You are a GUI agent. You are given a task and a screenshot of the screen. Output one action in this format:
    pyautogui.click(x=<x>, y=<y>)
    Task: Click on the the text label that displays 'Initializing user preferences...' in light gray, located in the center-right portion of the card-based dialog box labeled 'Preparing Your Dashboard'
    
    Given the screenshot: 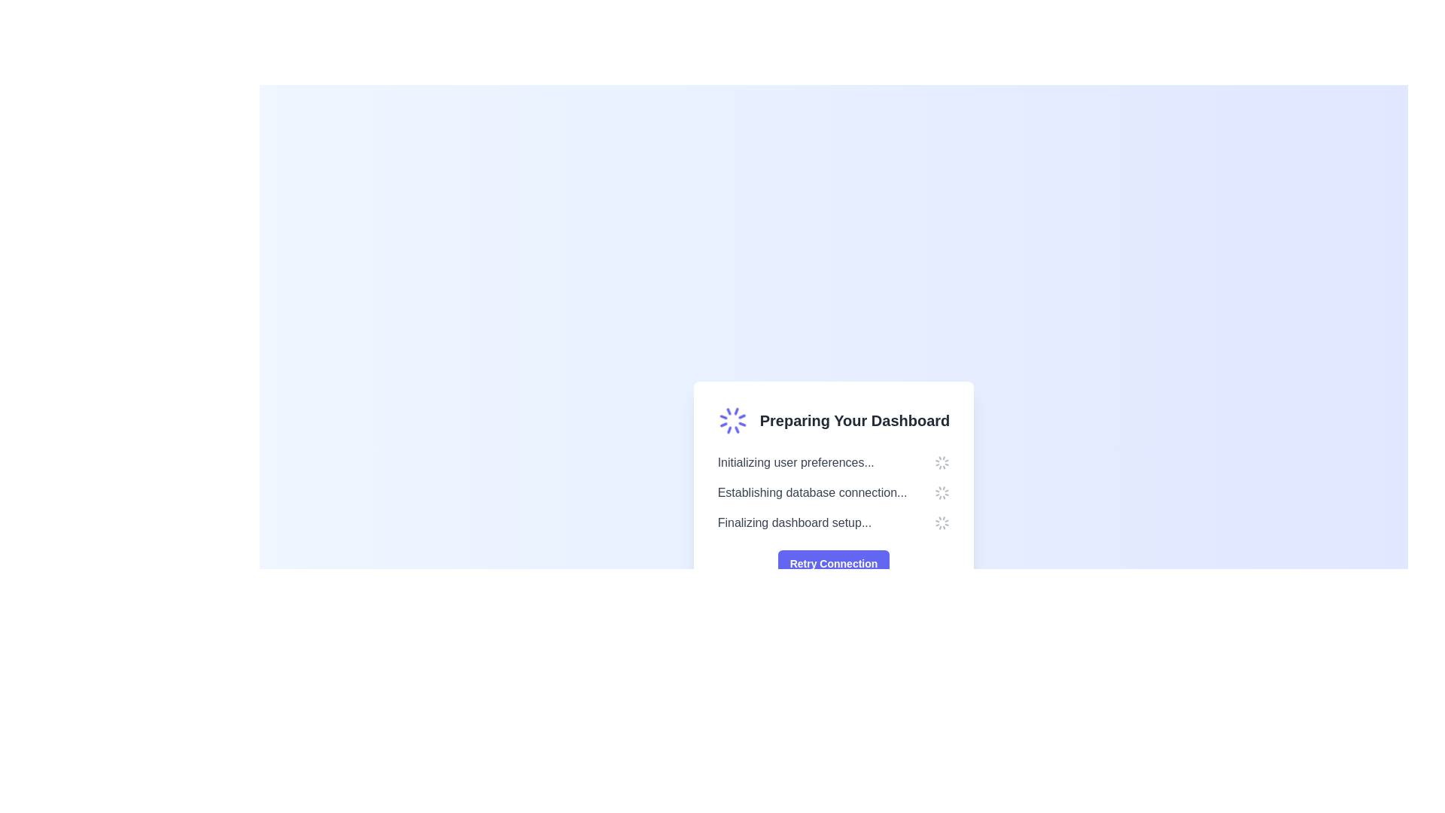 What is the action you would take?
    pyautogui.click(x=795, y=461)
    